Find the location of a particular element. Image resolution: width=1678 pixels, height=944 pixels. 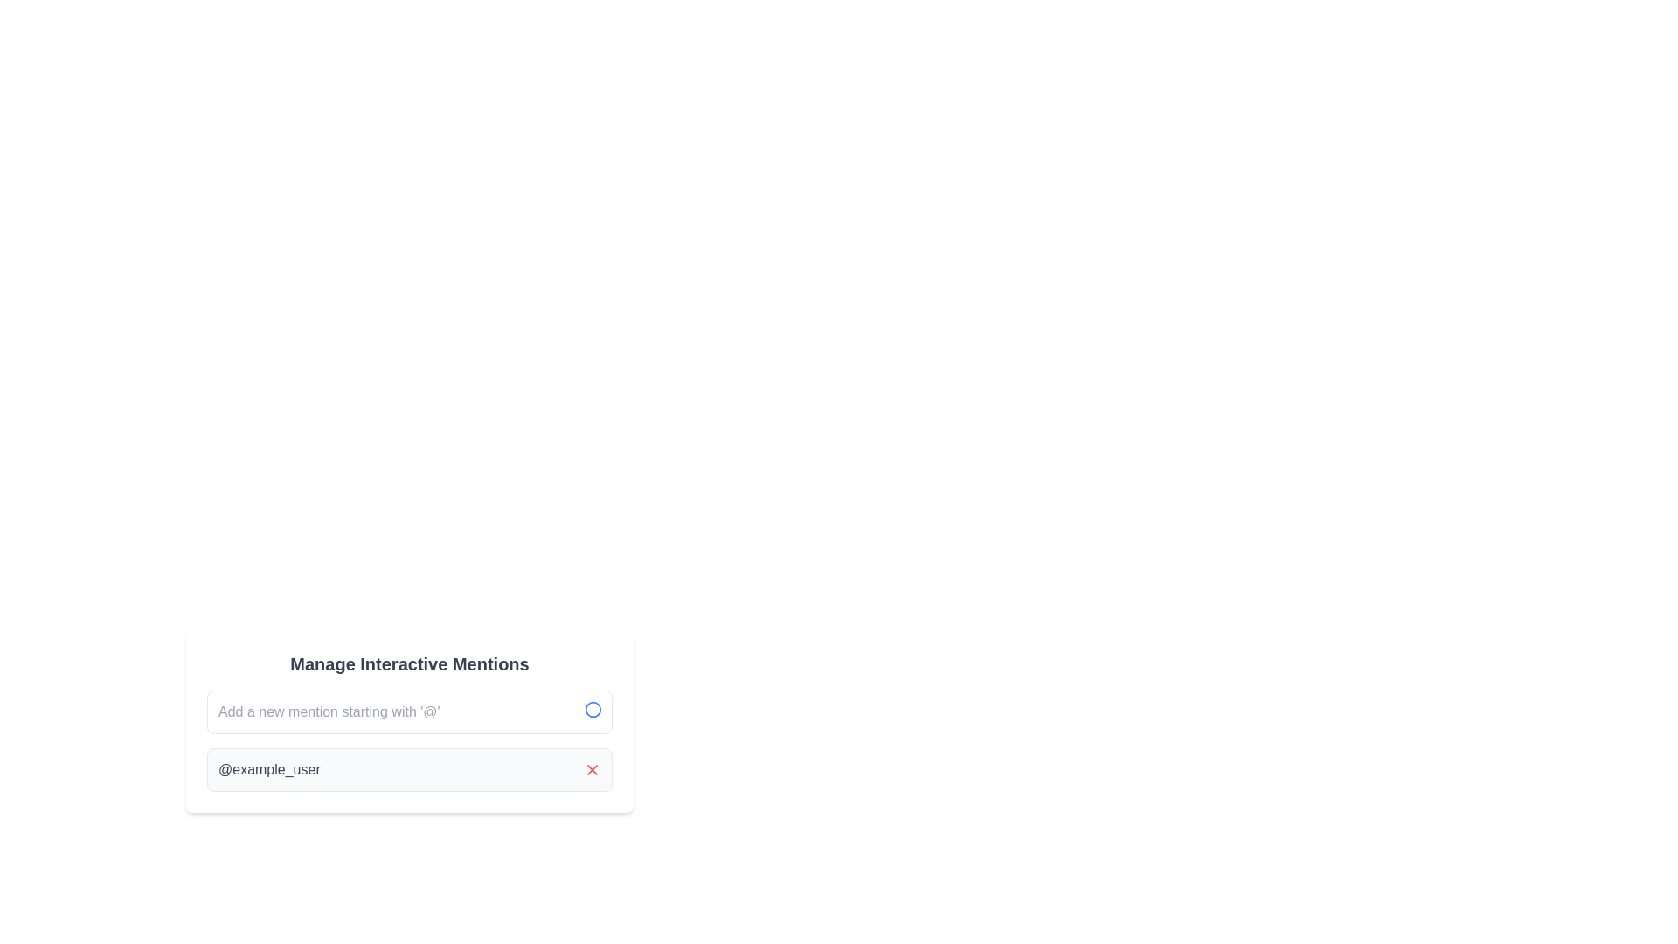

the circular blue icon with a hollow center and blue outline located at the top-right corner of the text input field is located at coordinates (593, 710).